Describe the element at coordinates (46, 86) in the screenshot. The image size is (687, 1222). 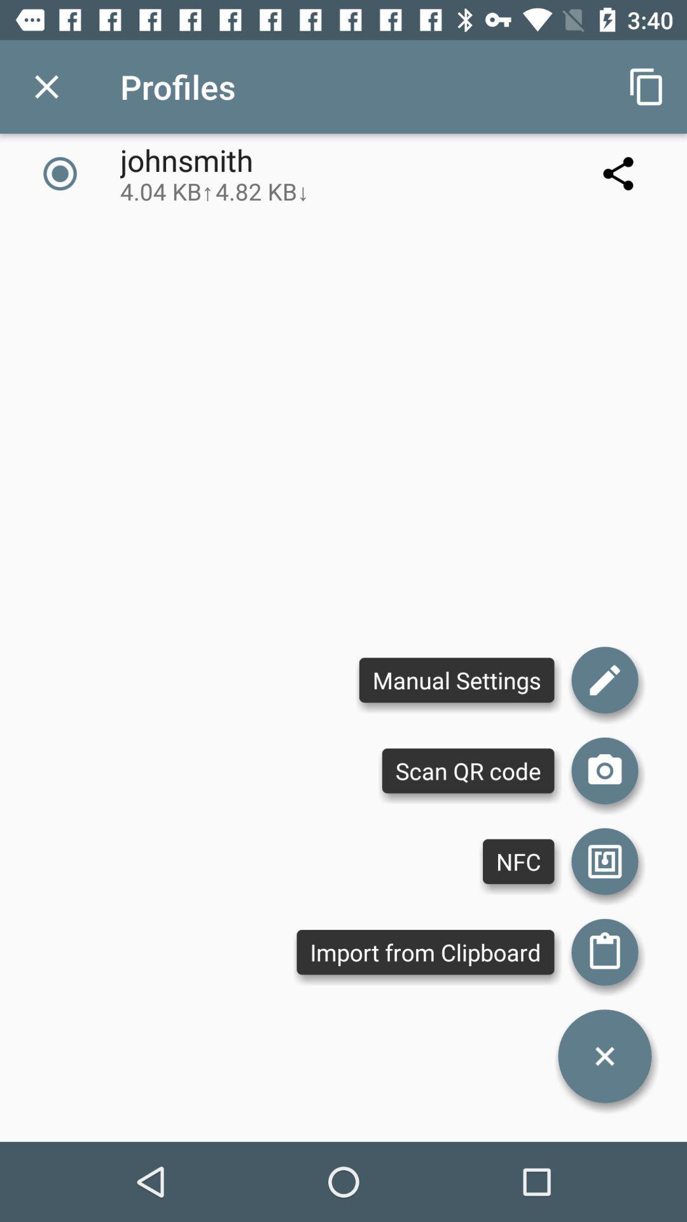
I see `app` at that location.